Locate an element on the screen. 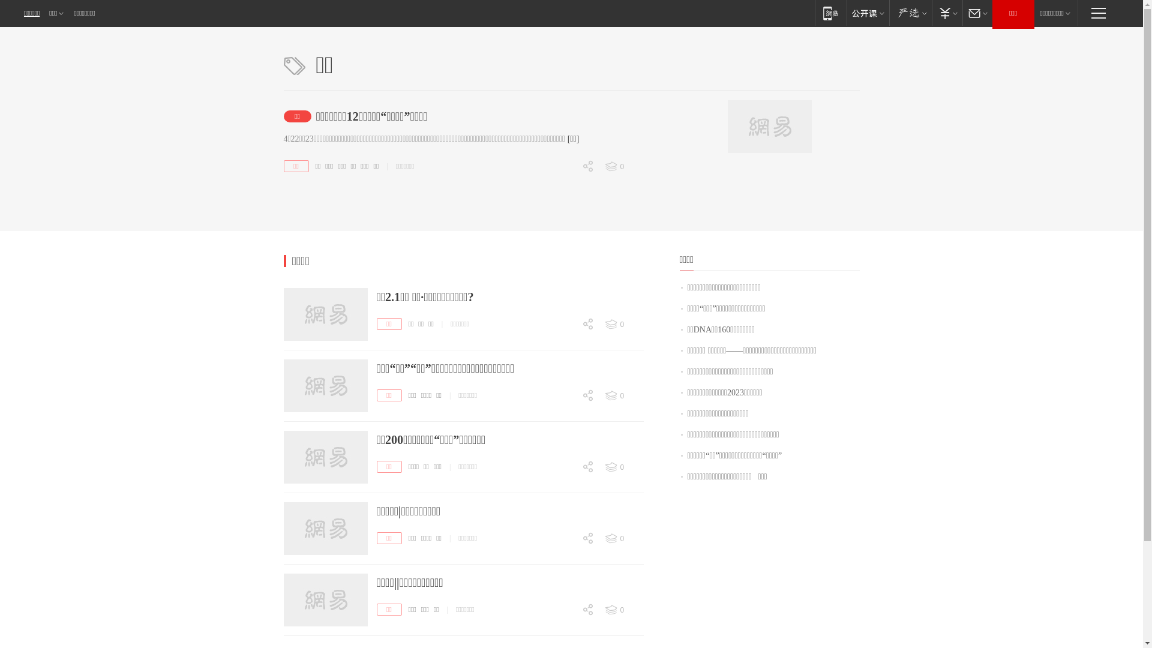 The height and width of the screenshot is (648, 1152). '0' is located at coordinates (623, 166).